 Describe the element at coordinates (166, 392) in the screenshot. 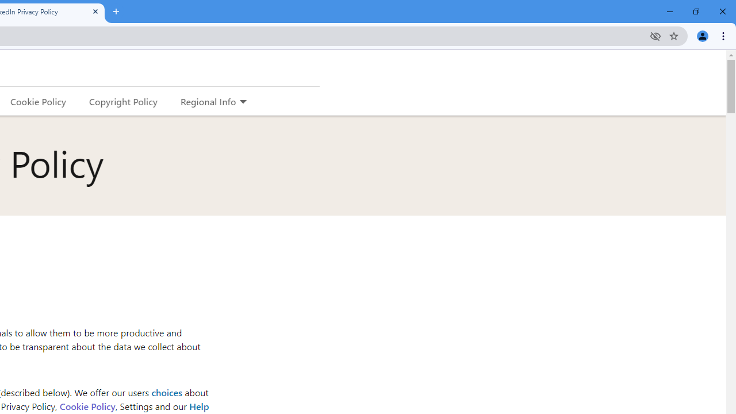

I see `'choices'` at that location.